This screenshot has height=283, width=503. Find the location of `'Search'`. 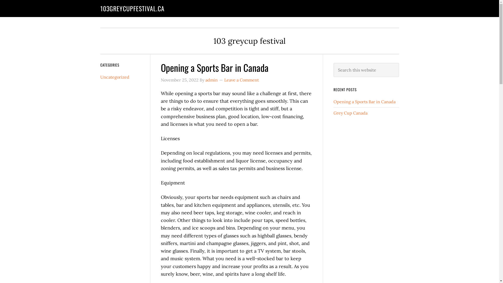

'Search' is located at coordinates (398, 62).